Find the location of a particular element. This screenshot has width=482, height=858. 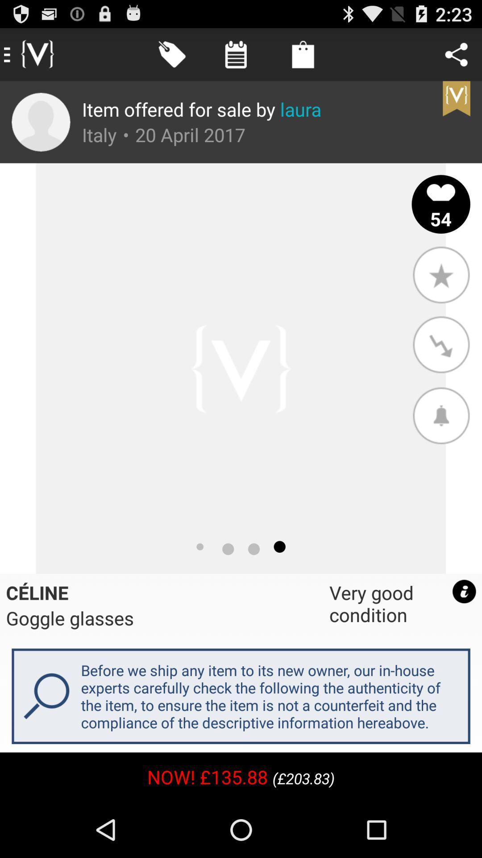

app to the left of item offered for icon is located at coordinates (41, 122).